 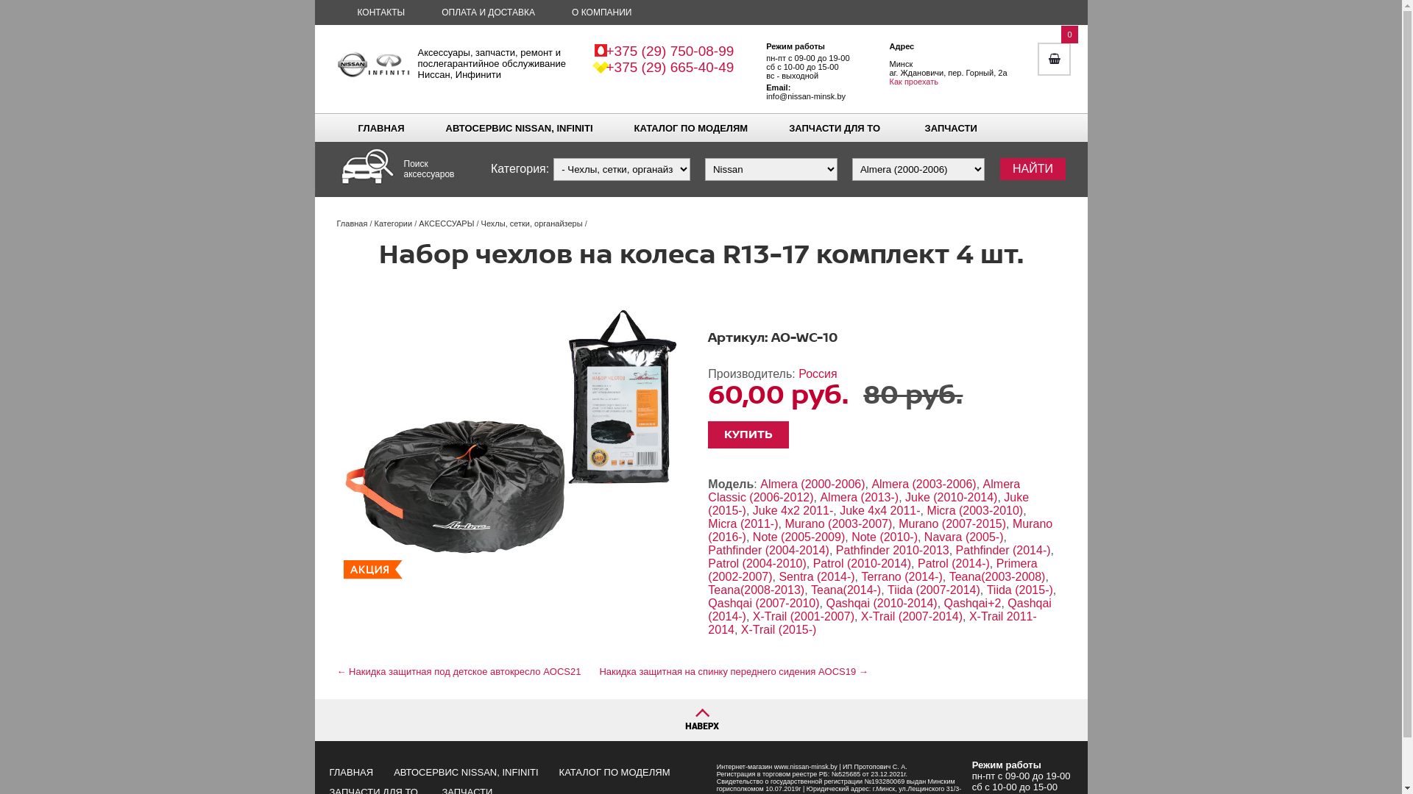 I want to click on 'Terrano (2014-)', so click(x=900, y=576).